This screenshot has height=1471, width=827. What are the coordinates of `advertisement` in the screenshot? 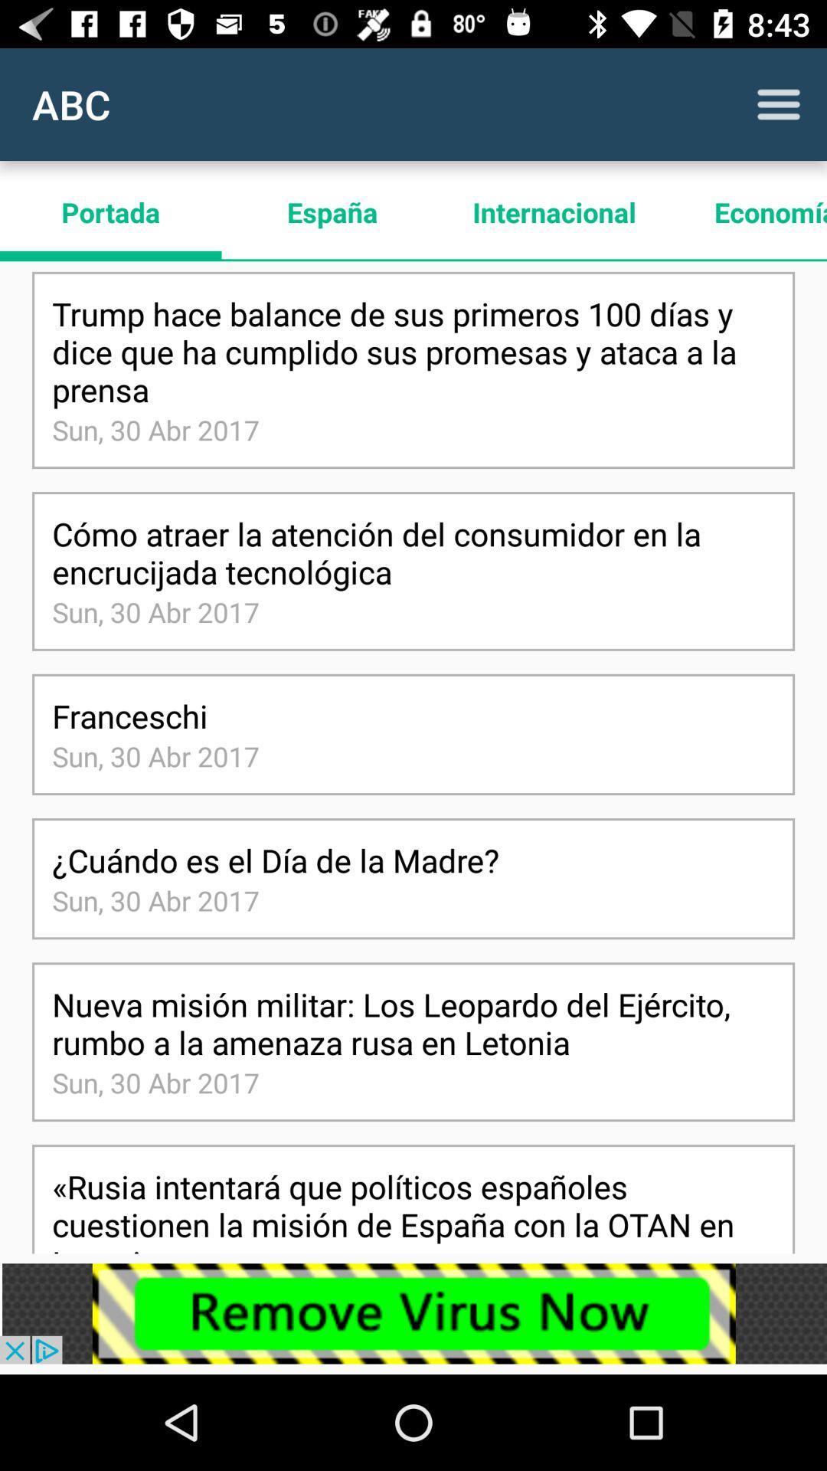 It's located at (413, 1312).